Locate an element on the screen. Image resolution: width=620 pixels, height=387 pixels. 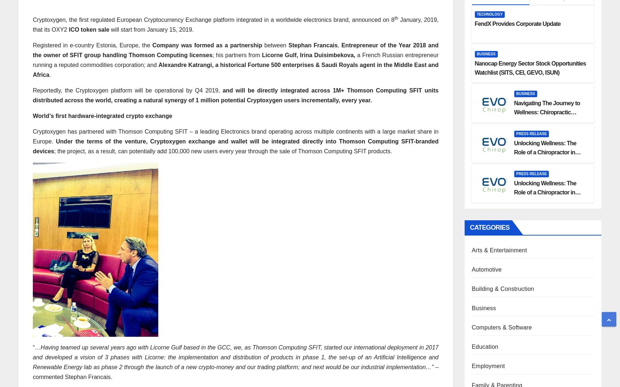
'; his partners from' is located at coordinates (212, 55).